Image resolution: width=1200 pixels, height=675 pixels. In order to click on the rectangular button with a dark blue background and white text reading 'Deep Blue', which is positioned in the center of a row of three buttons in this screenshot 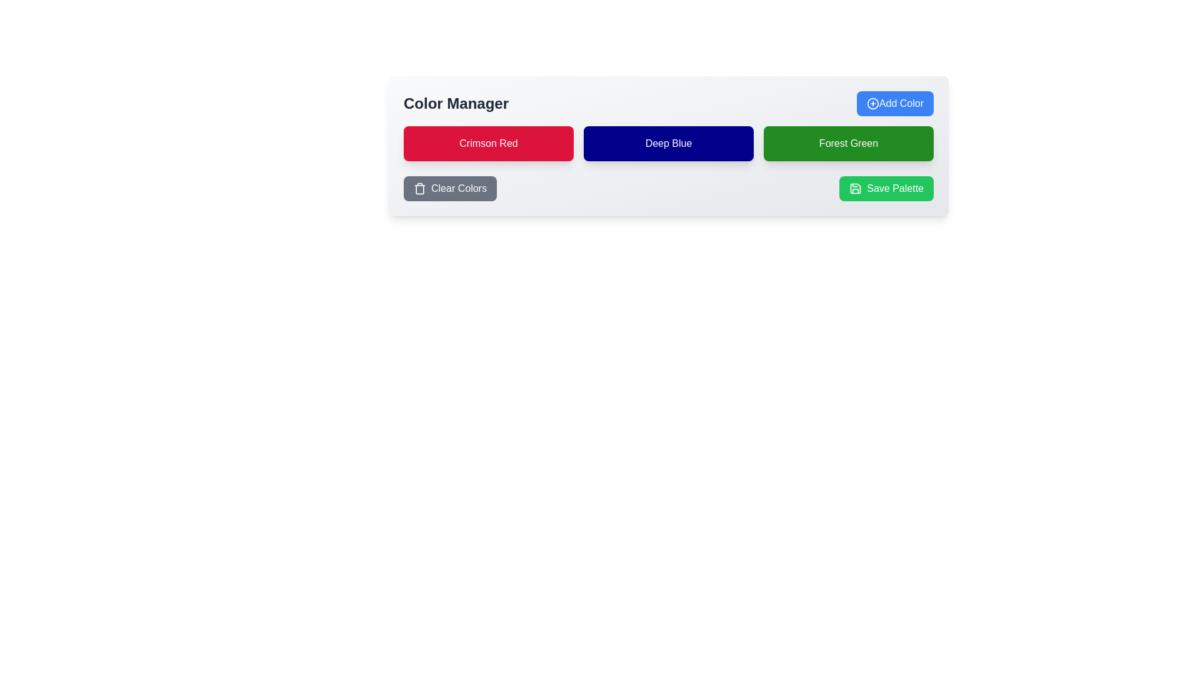, I will do `click(668, 143)`.